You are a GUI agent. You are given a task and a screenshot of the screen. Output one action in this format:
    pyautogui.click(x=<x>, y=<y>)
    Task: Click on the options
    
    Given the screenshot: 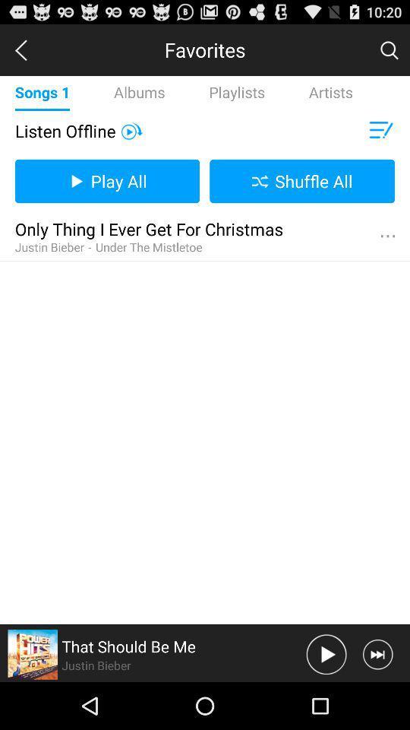 What is the action you would take?
    pyautogui.click(x=387, y=236)
    